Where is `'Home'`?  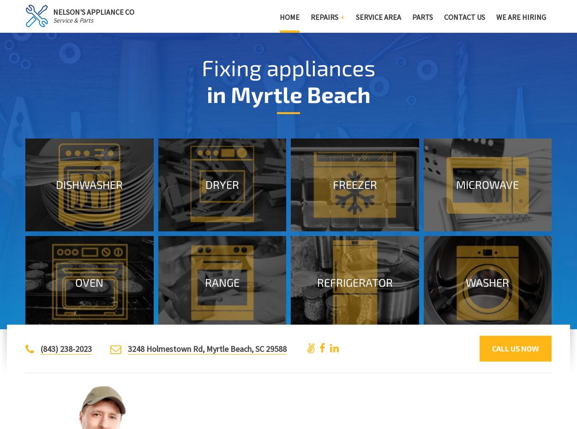 'Home' is located at coordinates (289, 16).